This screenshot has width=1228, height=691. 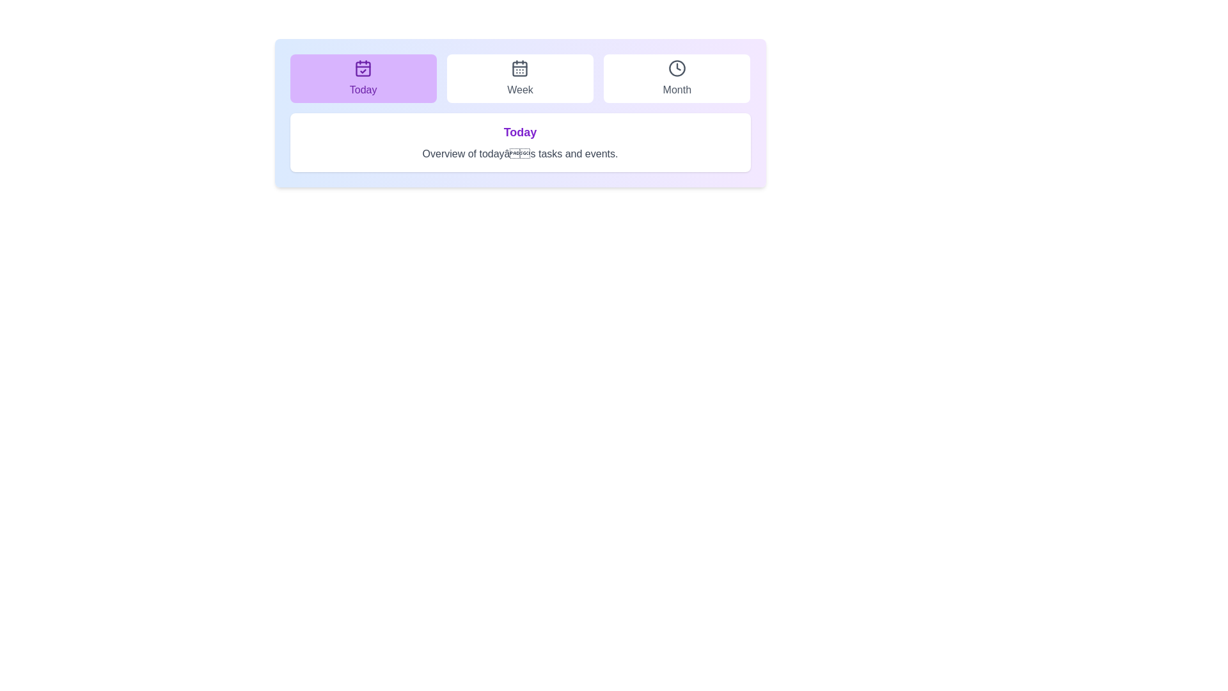 I want to click on the tab labeled Week to view its associated text, so click(x=519, y=79).